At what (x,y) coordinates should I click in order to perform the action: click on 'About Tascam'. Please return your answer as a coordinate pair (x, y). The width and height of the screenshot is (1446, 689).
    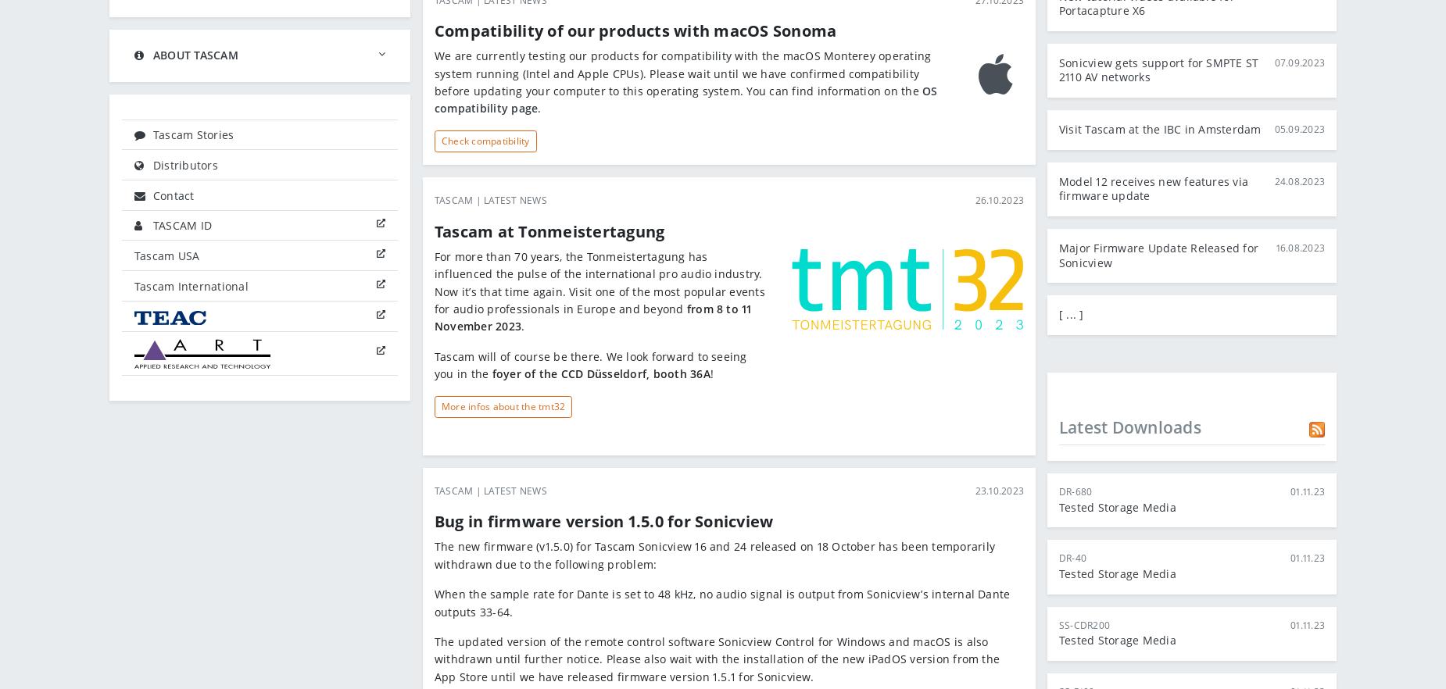
    Looking at the image, I should click on (194, 54).